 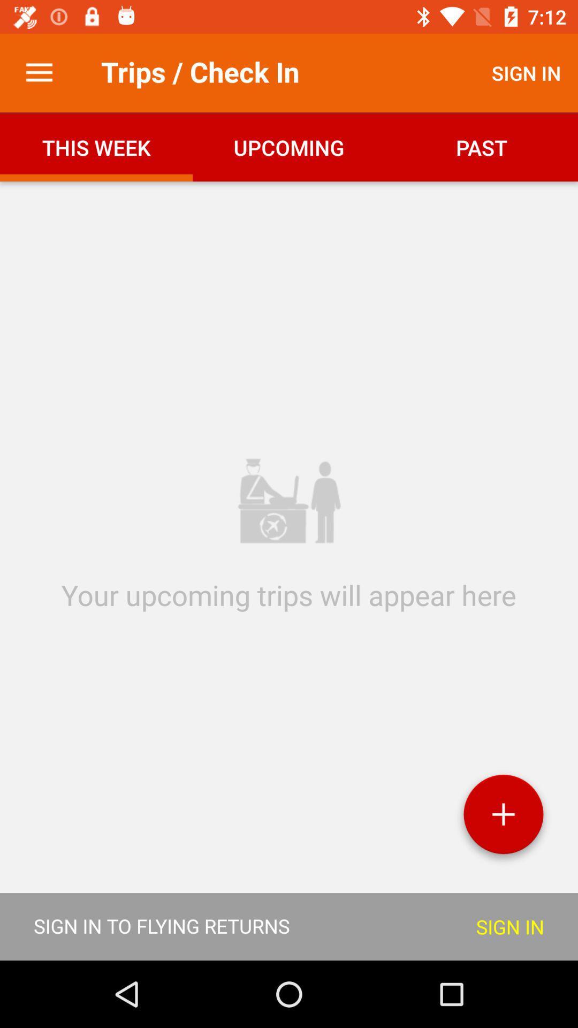 What do you see at coordinates (503, 818) in the screenshot?
I see `option to add trip` at bounding box center [503, 818].